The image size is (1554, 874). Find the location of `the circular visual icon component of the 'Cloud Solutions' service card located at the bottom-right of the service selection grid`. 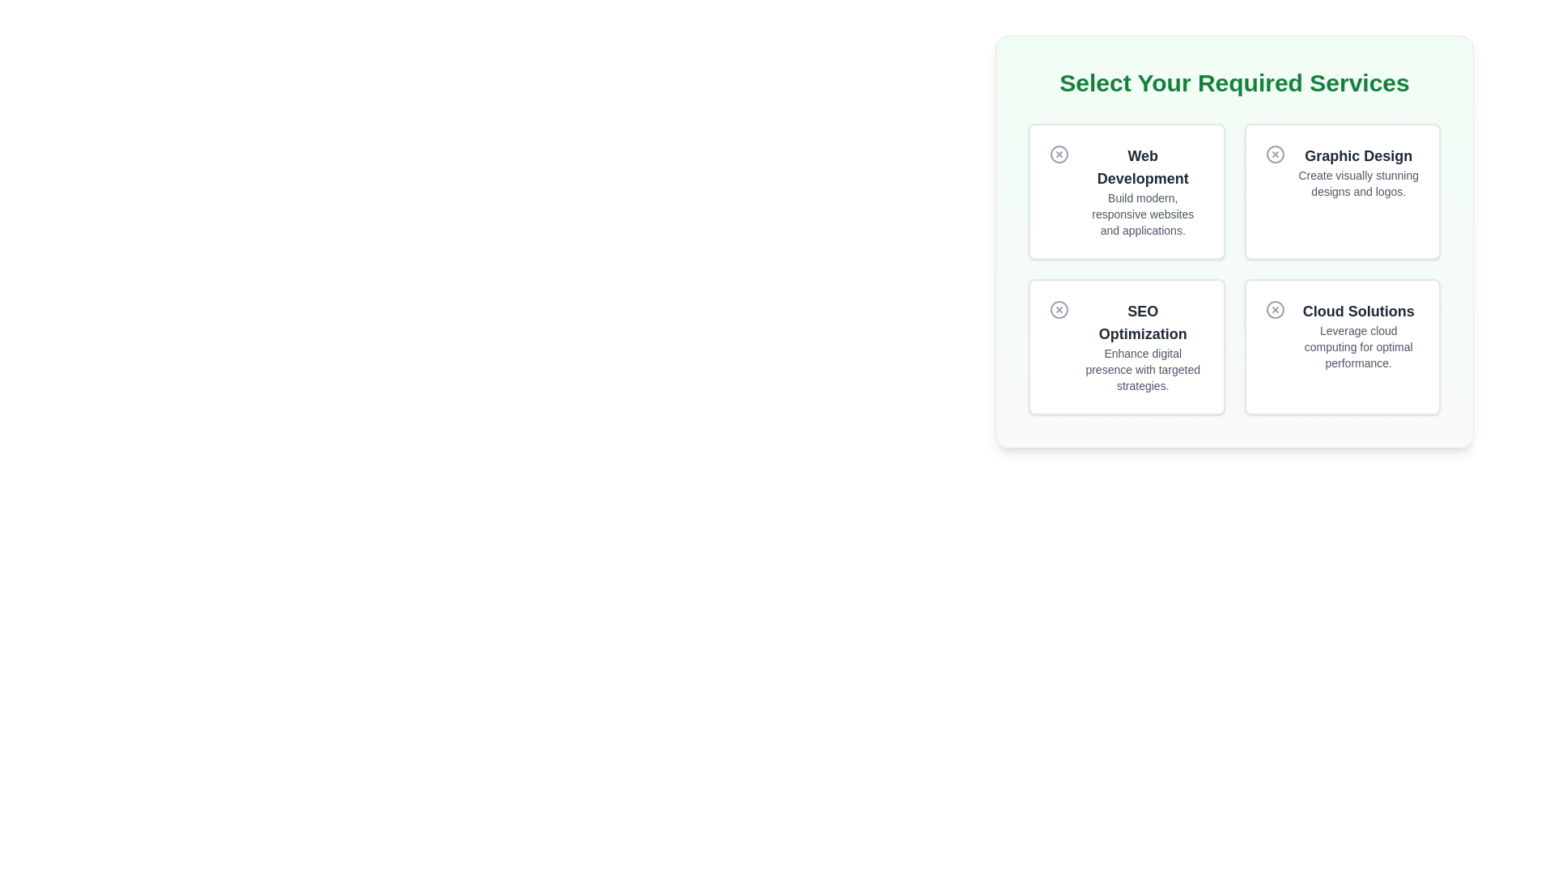

the circular visual icon component of the 'Cloud Solutions' service card located at the bottom-right of the service selection grid is located at coordinates (1274, 309).